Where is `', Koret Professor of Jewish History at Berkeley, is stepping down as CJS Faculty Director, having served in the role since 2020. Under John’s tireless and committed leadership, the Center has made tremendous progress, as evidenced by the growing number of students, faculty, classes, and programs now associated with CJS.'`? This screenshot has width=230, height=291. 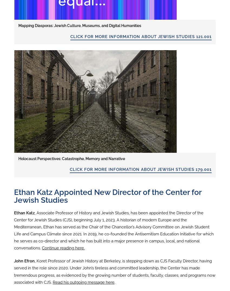
', Koret Professor of Jewish History at Berkeley, is stepping down as CJS Faculty Director, having served in the role since 2020. Under John’s tireless and committed leadership, the Center has made tremendous progress, as evidenced by the growing number of students, faculty, classes, and programs now associated with CJS.' is located at coordinates (114, 271).